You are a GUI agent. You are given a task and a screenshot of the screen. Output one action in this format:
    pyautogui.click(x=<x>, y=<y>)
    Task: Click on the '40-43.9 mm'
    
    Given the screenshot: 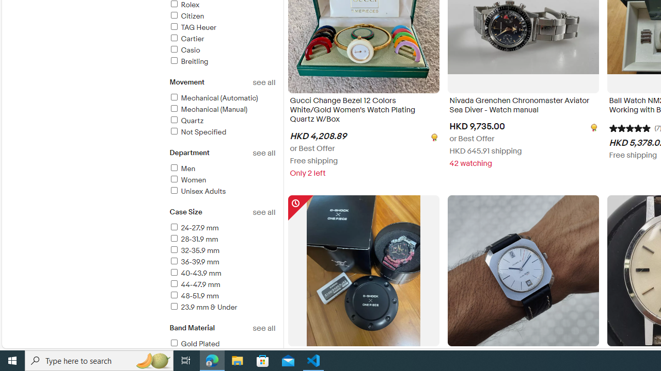 What is the action you would take?
    pyautogui.click(x=195, y=273)
    